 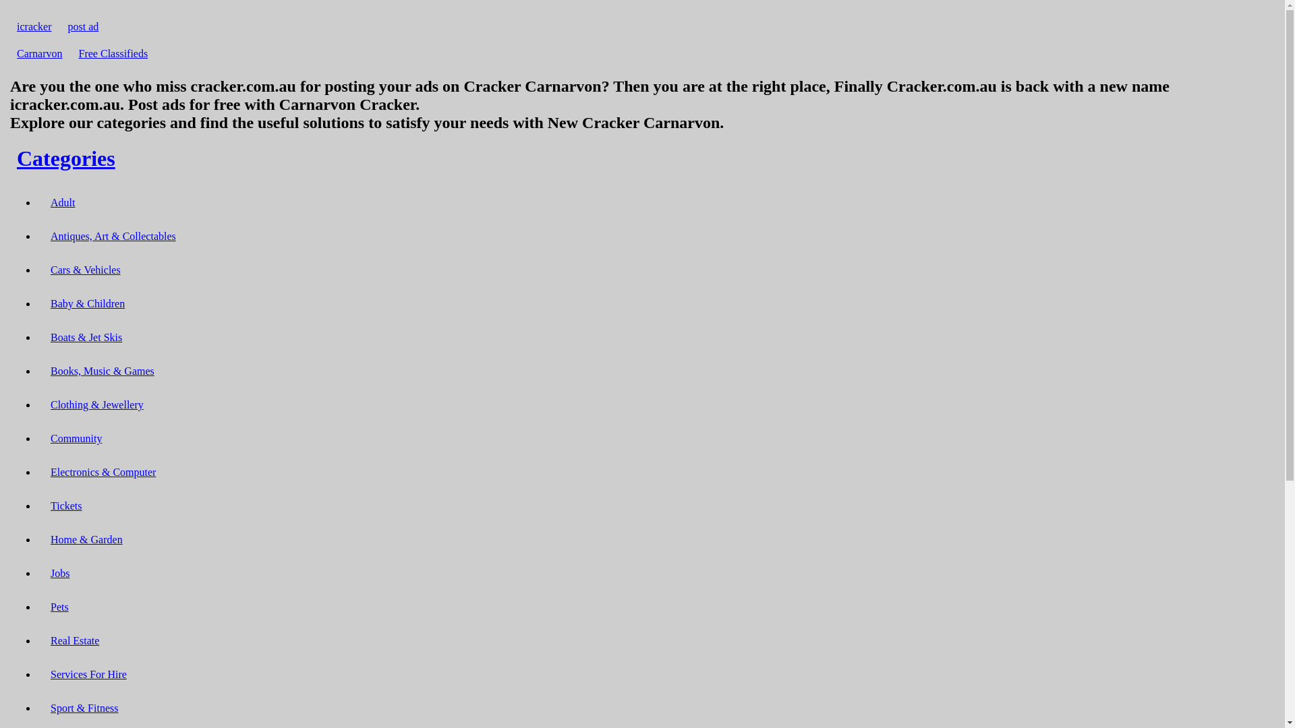 I want to click on 'Antiques, Art & Collectables', so click(x=113, y=235).